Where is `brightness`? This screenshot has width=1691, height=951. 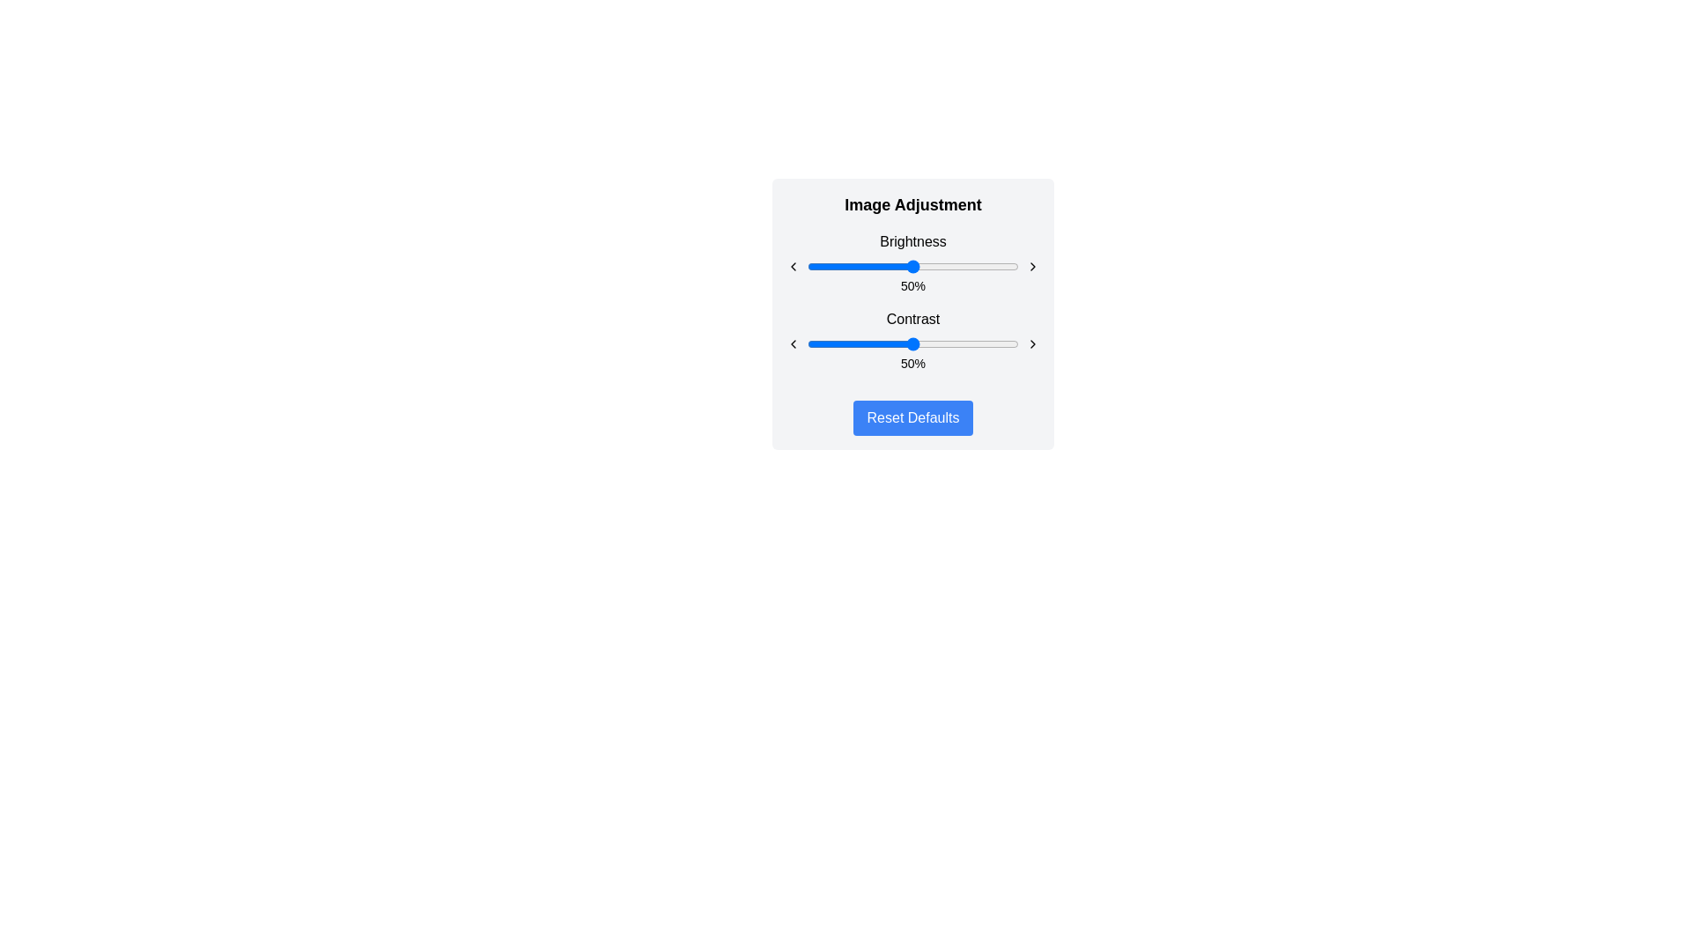
brightness is located at coordinates (984, 267).